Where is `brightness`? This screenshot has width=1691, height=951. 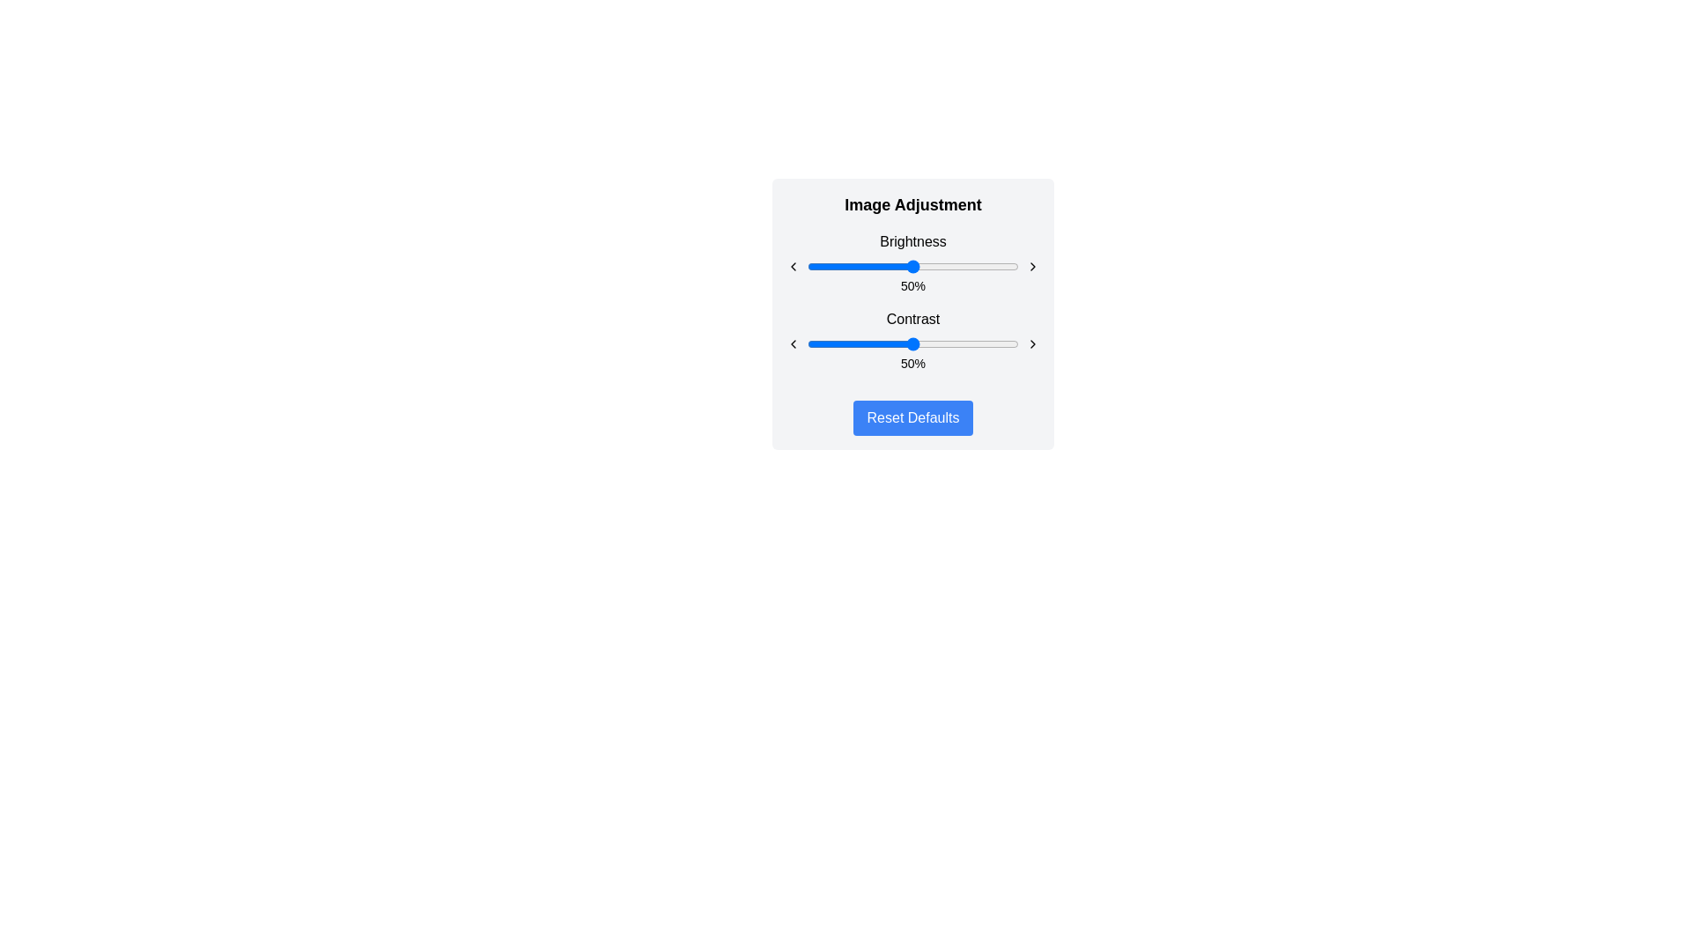
brightness is located at coordinates (984, 267).